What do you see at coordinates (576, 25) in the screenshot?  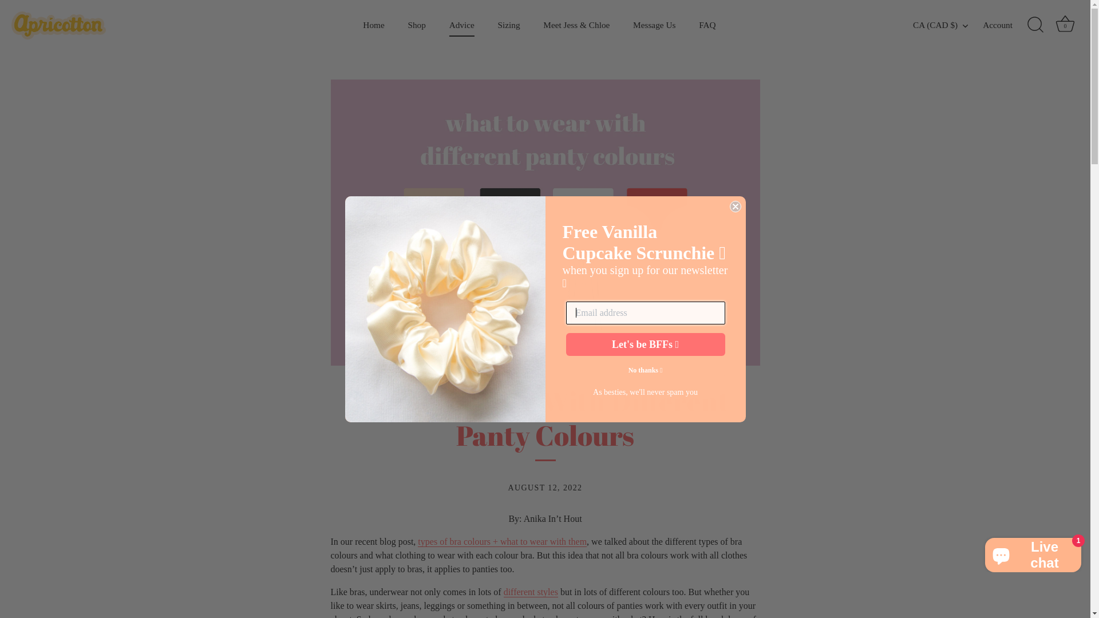 I see `'Meet Jess & Chloe'` at bounding box center [576, 25].